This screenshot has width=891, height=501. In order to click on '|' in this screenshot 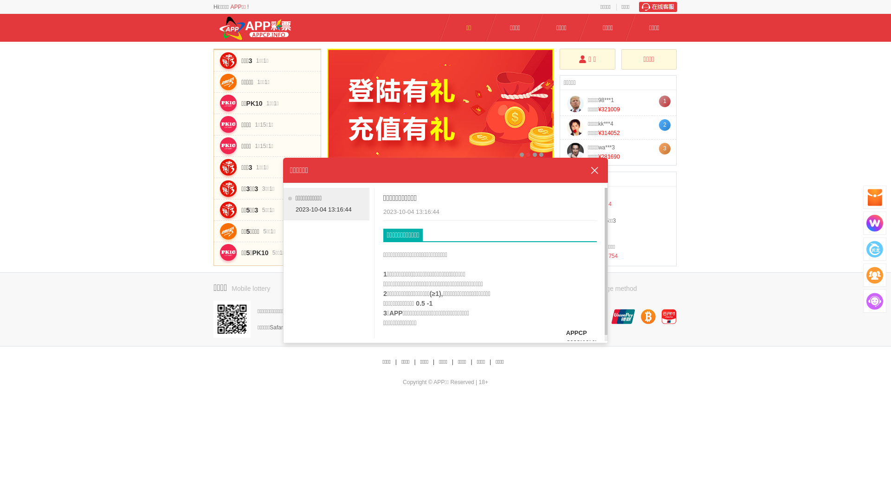, I will do `click(433, 361)`.